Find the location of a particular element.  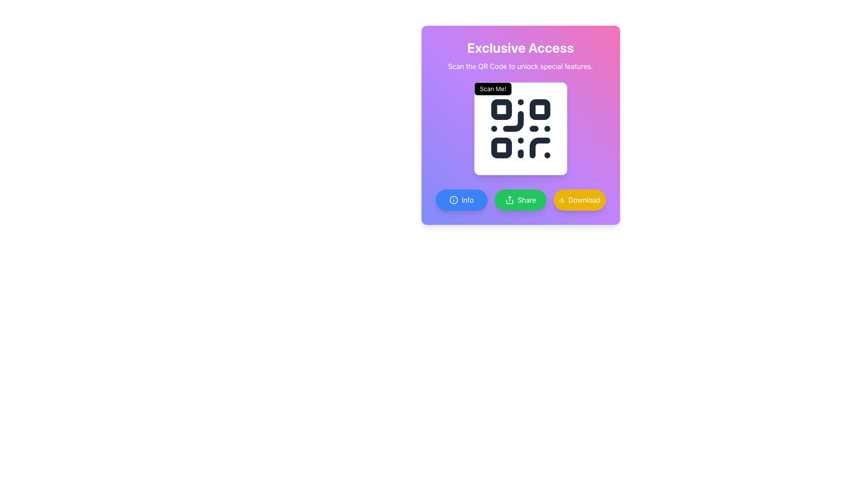

the Information header with the text 'Exclusive Access' which features a bold heading and smaller descriptive text, styled in white on a gradient purple-pink background, located at the top-central region of the interface is located at coordinates (520, 56).